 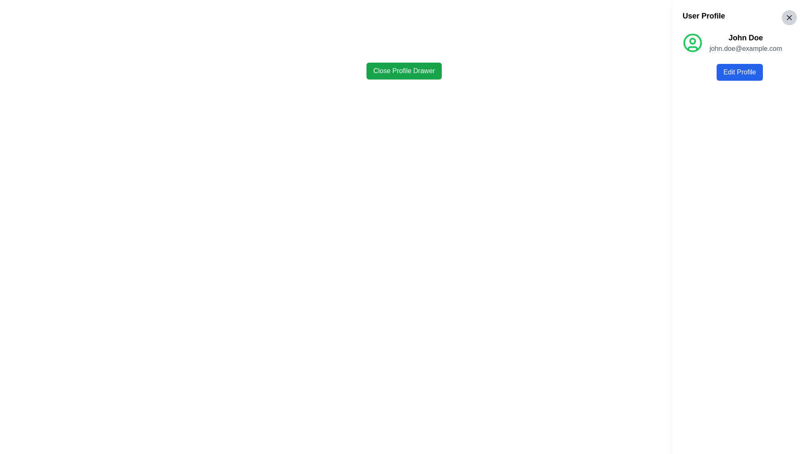 I want to click on the blue rectangular 'Edit Profile' button, so click(x=740, y=72).